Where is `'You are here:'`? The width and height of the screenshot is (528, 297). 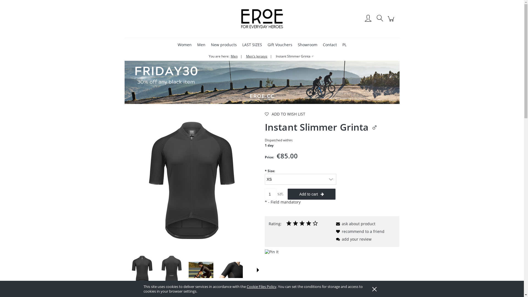 'You are here:' is located at coordinates (219, 56).